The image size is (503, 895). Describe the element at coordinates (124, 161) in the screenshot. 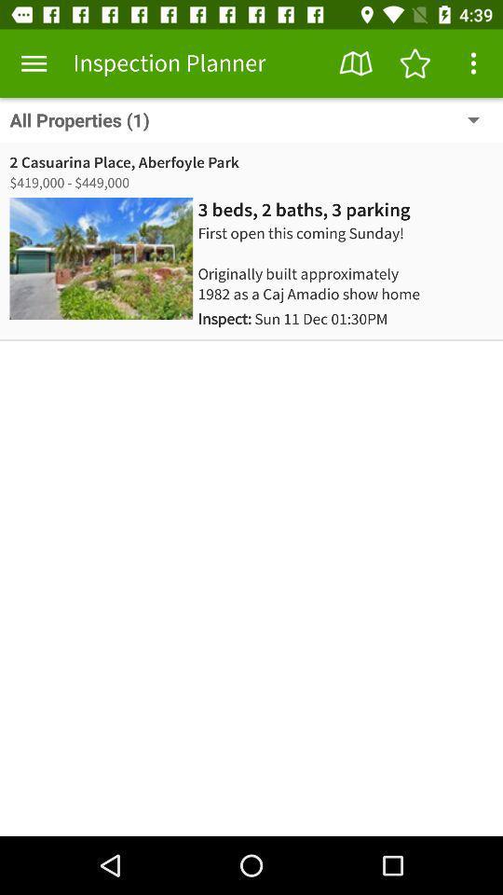

I see `2 casuarina place` at that location.